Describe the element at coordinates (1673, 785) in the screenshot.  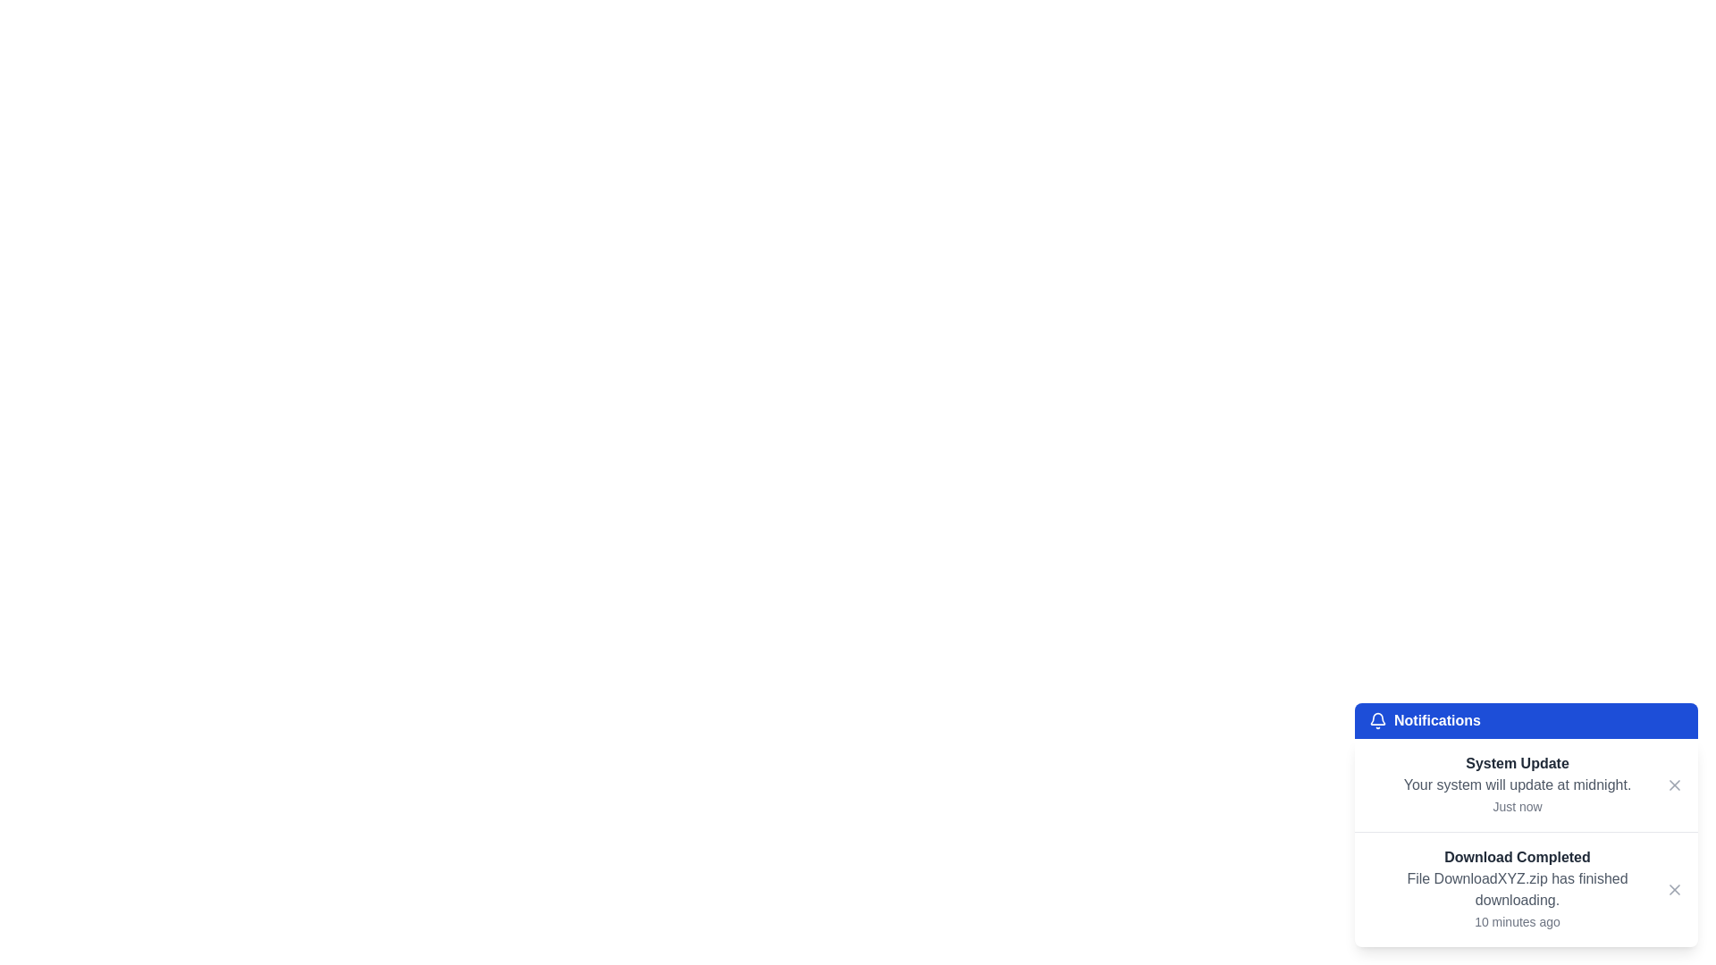
I see `the cross-shaped close icon located in the top-right corner of the 'System Update' notification` at that location.